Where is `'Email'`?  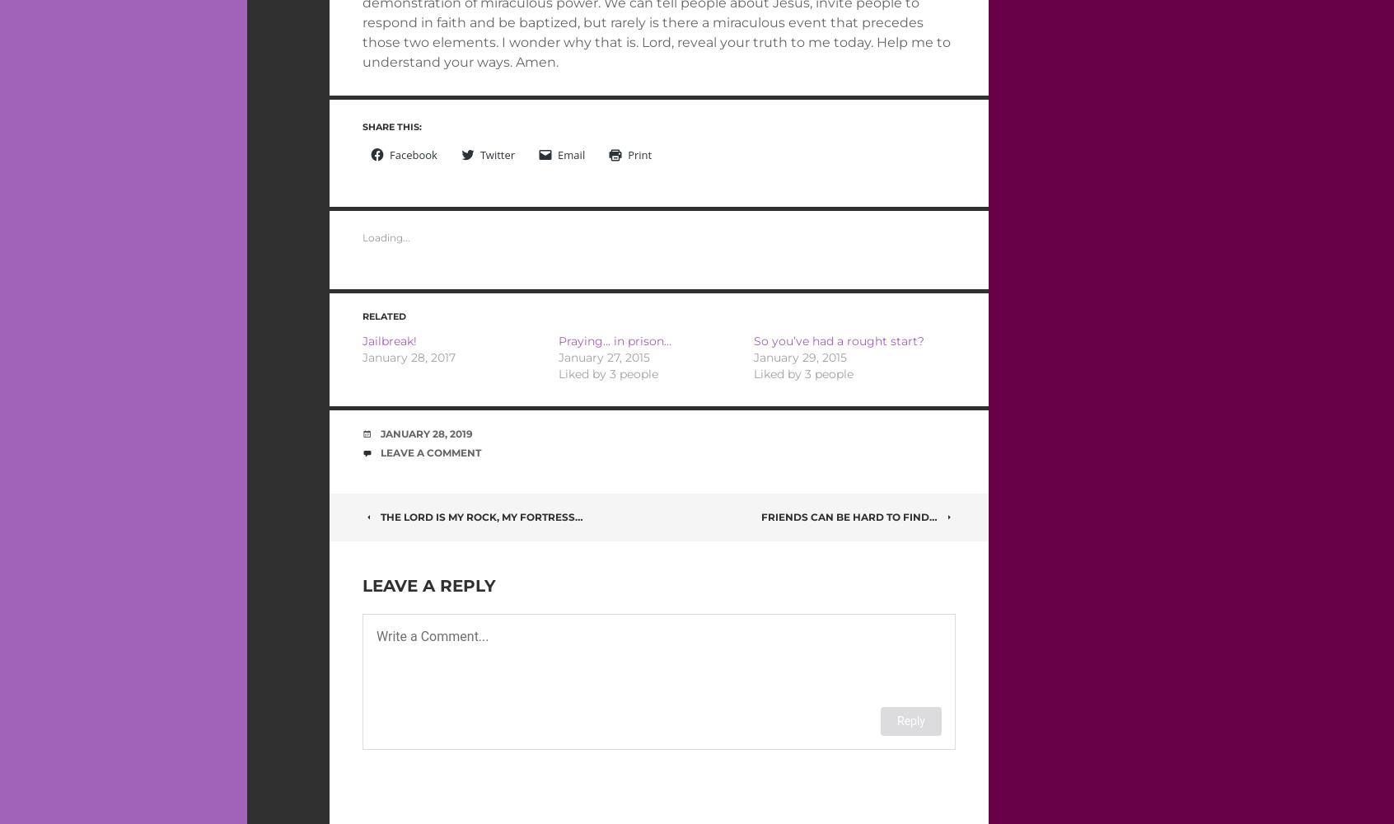
'Email' is located at coordinates (571, 155).